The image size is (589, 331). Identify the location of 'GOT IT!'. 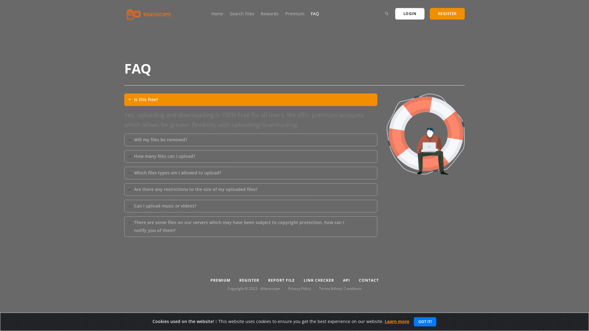
(425, 321).